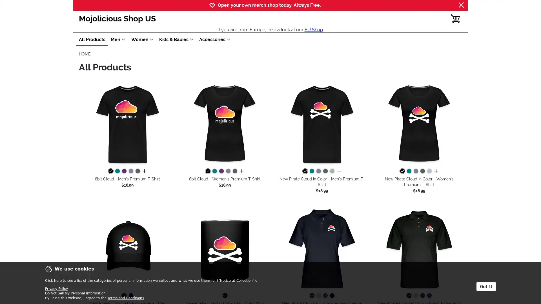 The width and height of the screenshot is (541, 304). Describe the element at coordinates (127, 124) in the screenshot. I see `8bit Cloud - Men's Premium T-Shirt` at that location.